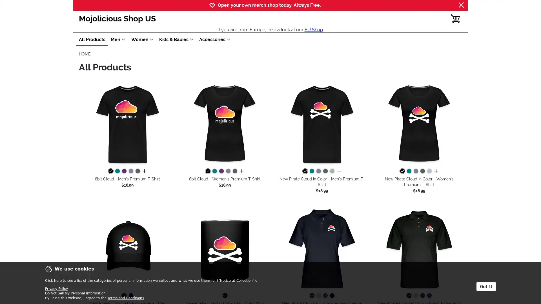 The width and height of the screenshot is (541, 304). Describe the element at coordinates (127, 124) in the screenshot. I see `8bit Cloud - Men's Premium T-Shirt` at that location.